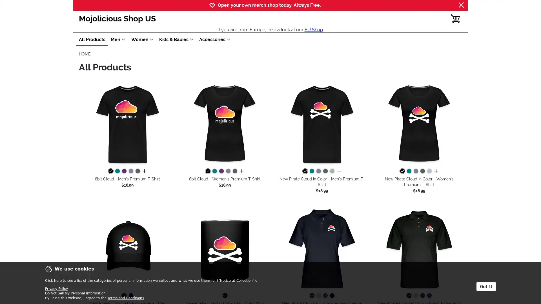 The width and height of the screenshot is (541, 304). Describe the element at coordinates (127, 124) in the screenshot. I see `8bit Cloud - Men's Premium T-Shirt` at that location.